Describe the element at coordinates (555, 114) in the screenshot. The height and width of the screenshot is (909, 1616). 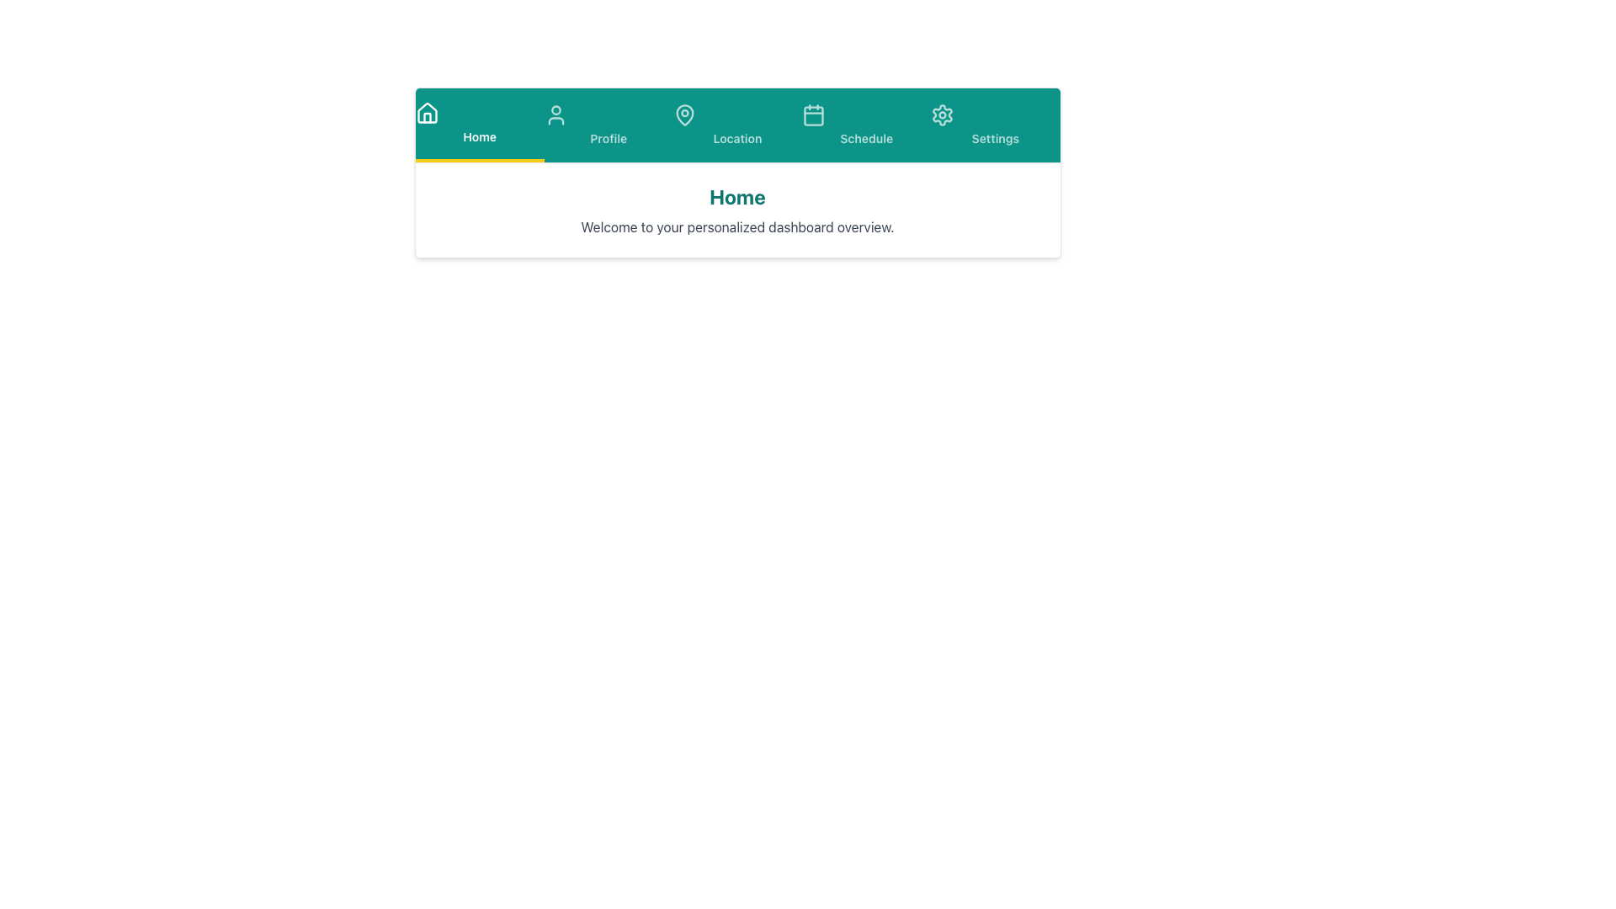
I see `the user icon in the navigation bar, located to the right of the 'Home' section, to switch tabs` at that location.